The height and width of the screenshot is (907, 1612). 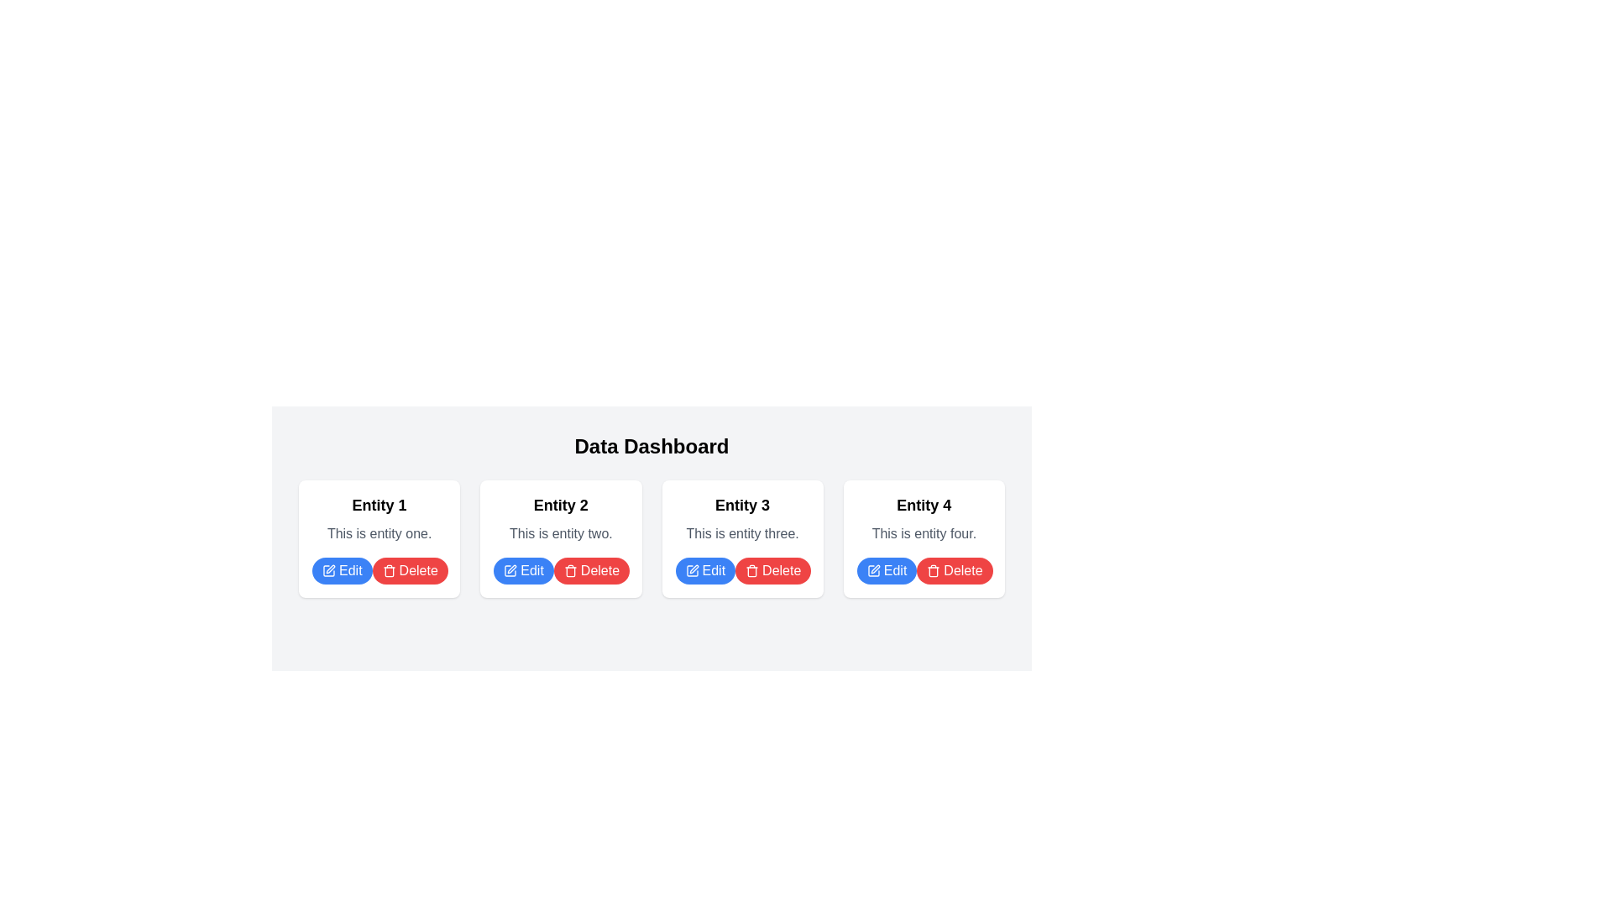 What do you see at coordinates (873, 569) in the screenshot?
I see `the 'Edit' button on the 'Entity 4' card in the 'Data Dashboard', which is represented by an icon located slightly above the bottom edge of the card` at bounding box center [873, 569].